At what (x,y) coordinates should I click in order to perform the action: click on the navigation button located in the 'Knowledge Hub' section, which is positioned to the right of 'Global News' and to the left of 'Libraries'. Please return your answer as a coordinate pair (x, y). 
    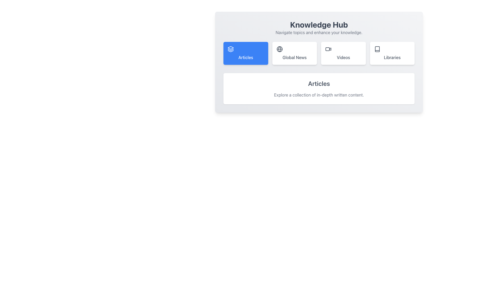
    Looking at the image, I should click on (318, 53).